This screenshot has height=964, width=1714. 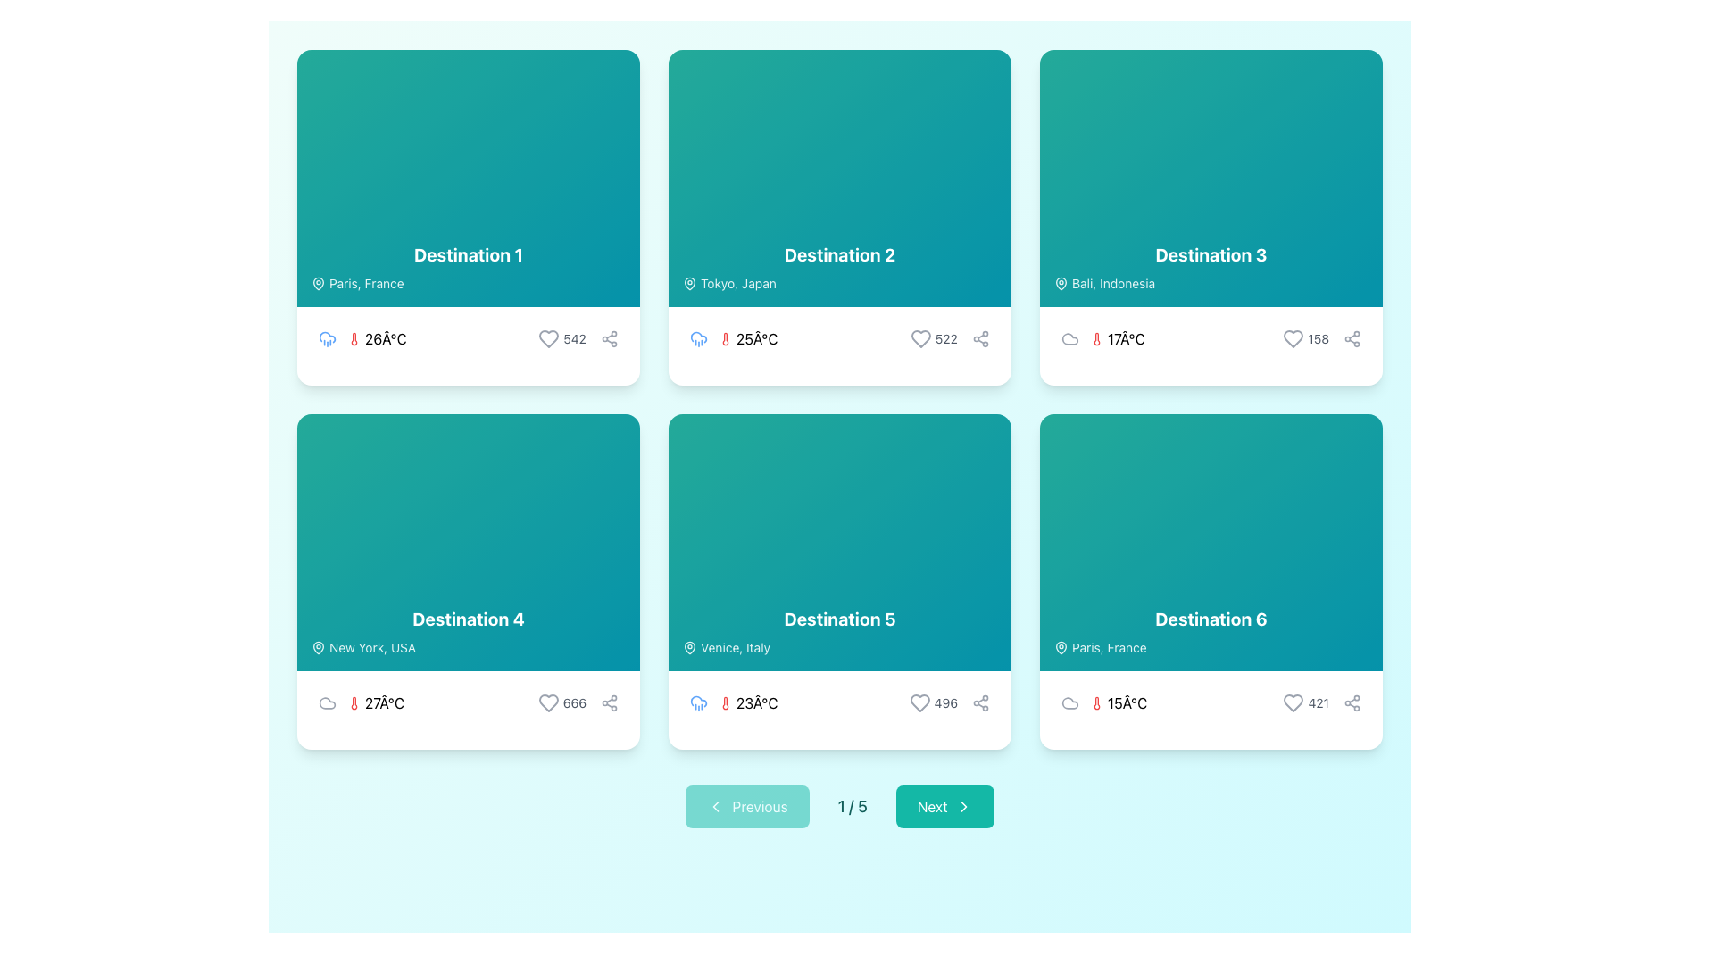 What do you see at coordinates (838, 806) in the screenshot?
I see `the Pagination Indicator element, which shows the current page index (1) out of 5, located centrally below the grid of destination cards` at bounding box center [838, 806].